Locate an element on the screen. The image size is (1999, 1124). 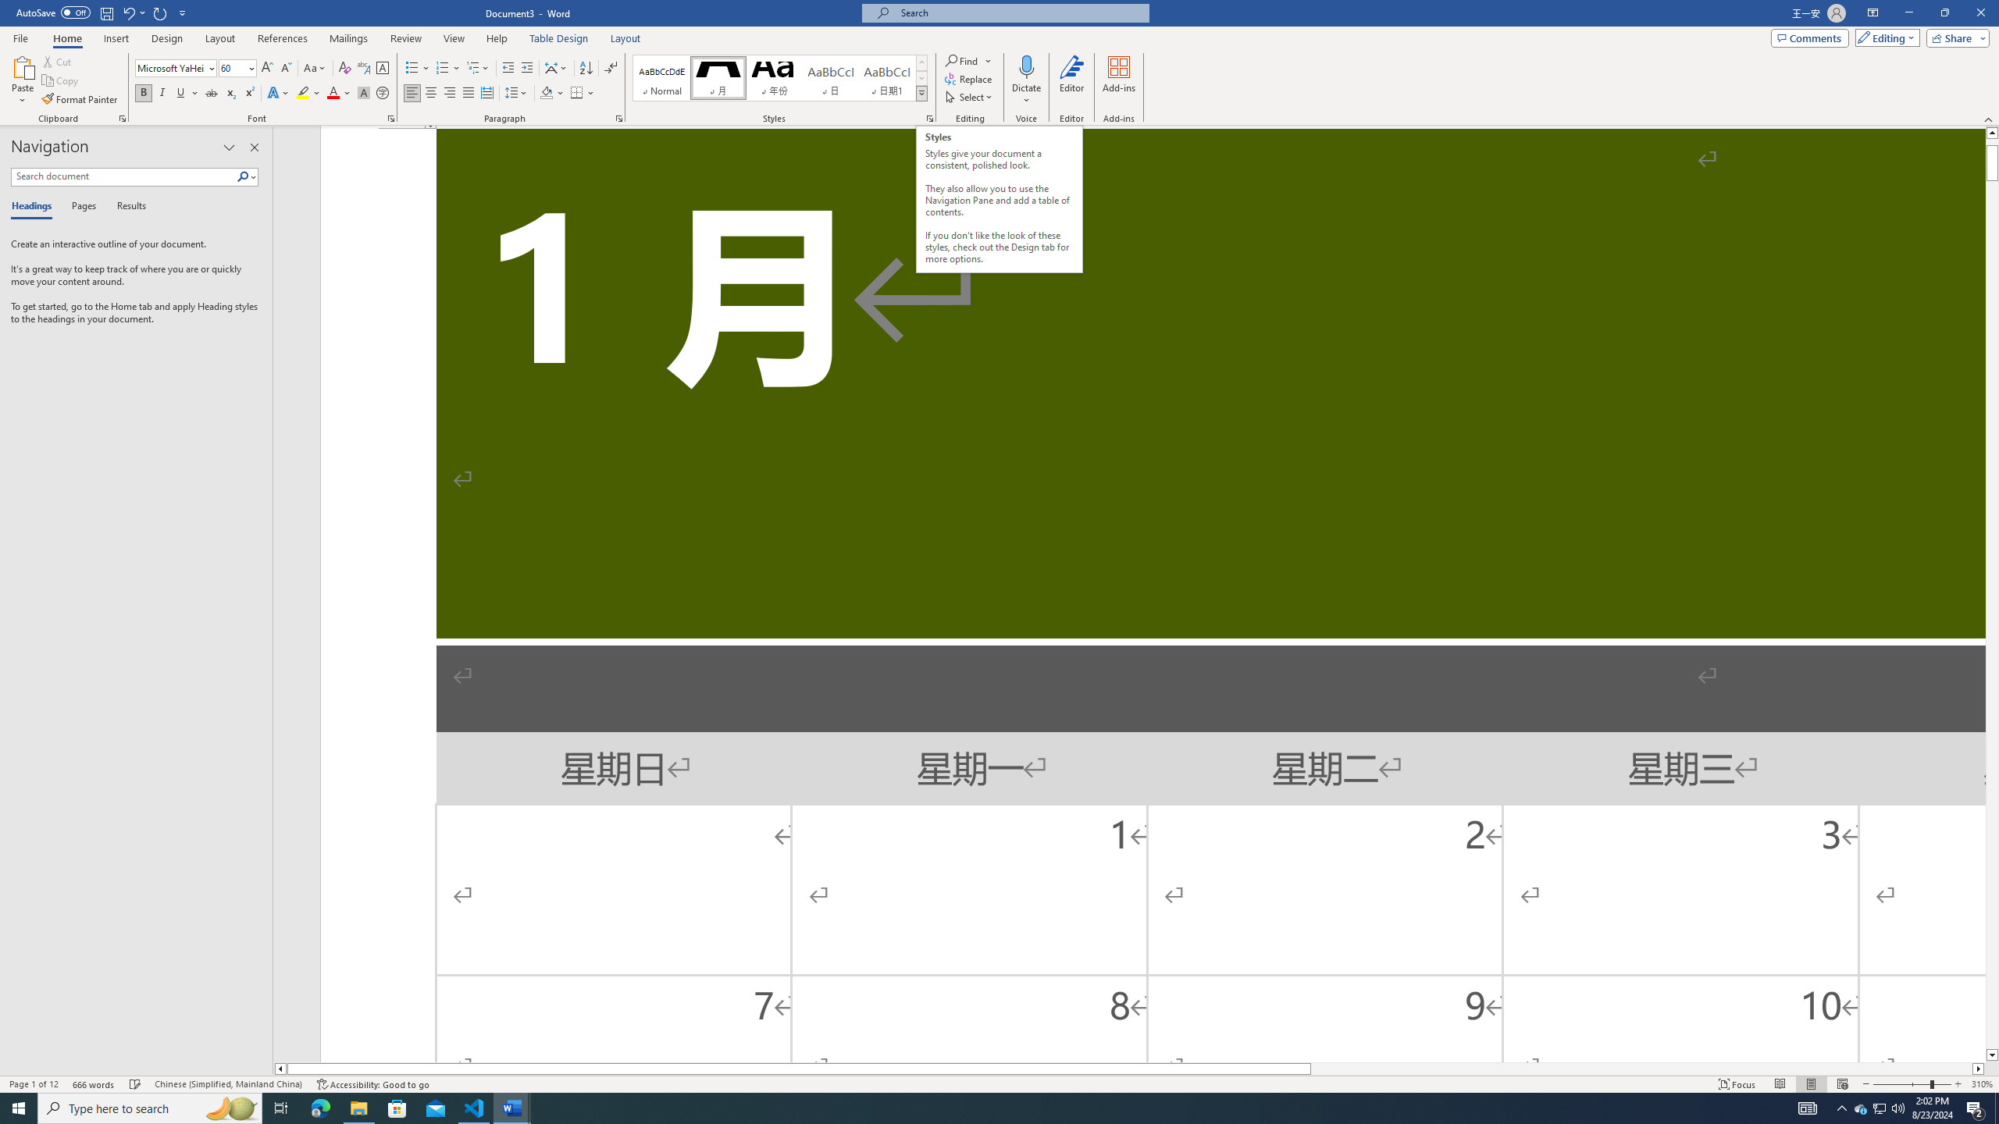
'Sort...' is located at coordinates (586, 68).